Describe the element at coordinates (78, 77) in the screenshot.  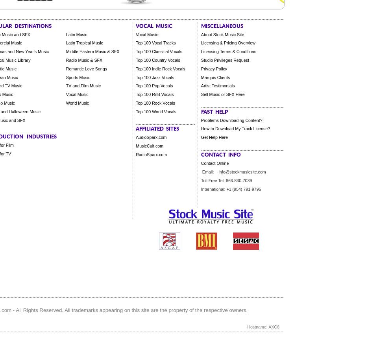
I see `'Sports Music'` at that location.